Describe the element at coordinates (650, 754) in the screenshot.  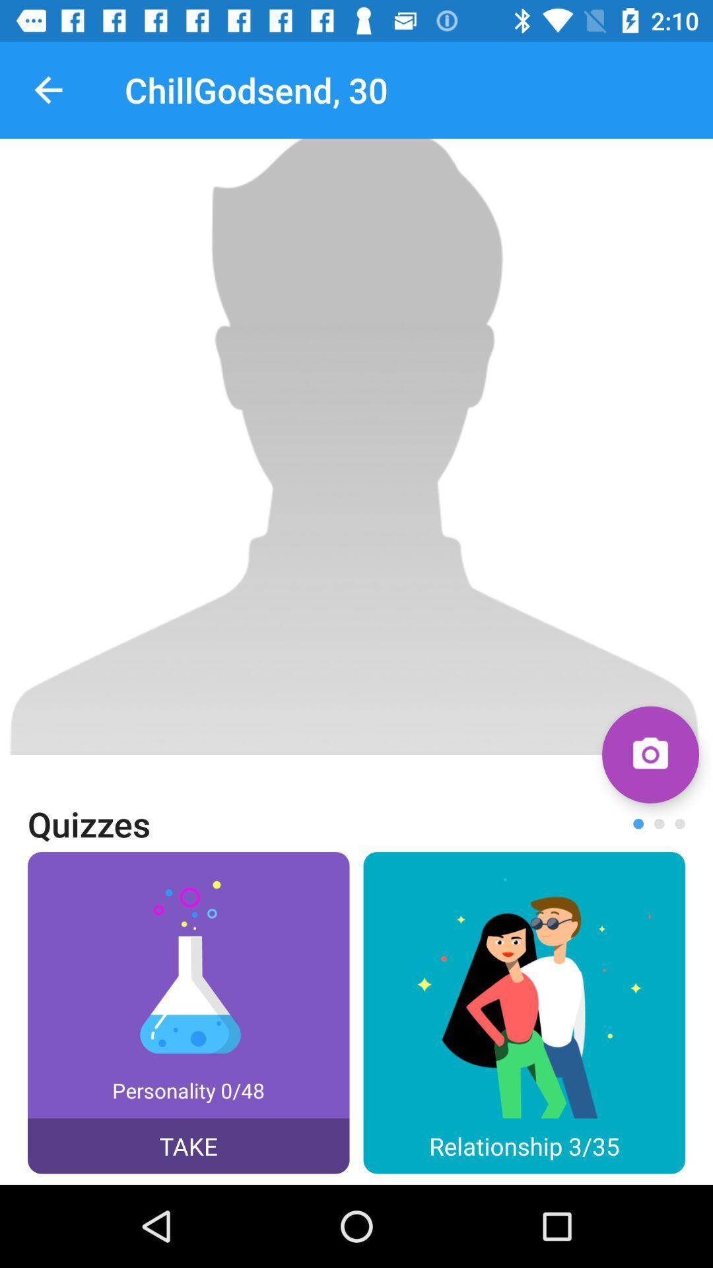
I see `the photo icon` at that location.